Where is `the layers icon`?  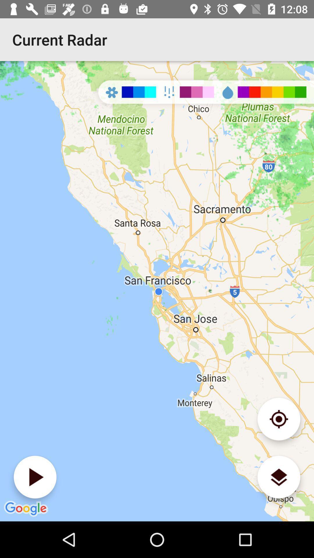
the layers icon is located at coordinates (279, 477).